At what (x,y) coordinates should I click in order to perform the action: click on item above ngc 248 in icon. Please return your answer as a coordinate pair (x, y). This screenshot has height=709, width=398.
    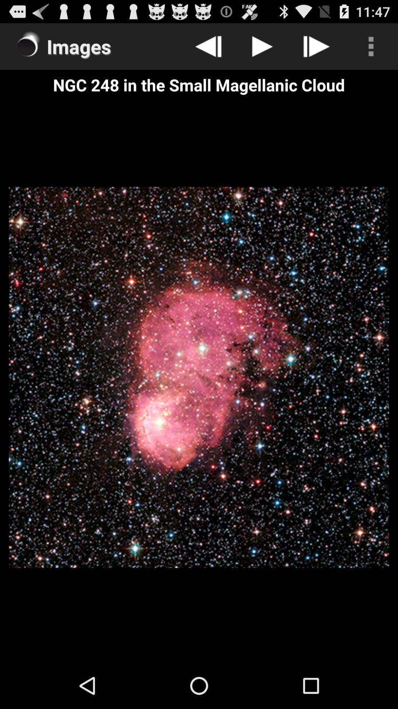
    Looking at the image, I should click on (262, 46).